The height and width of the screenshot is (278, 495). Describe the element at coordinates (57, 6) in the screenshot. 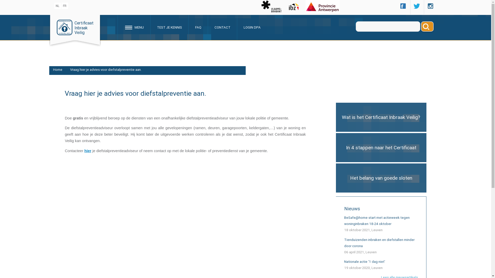

I see `'NL'` at that location.